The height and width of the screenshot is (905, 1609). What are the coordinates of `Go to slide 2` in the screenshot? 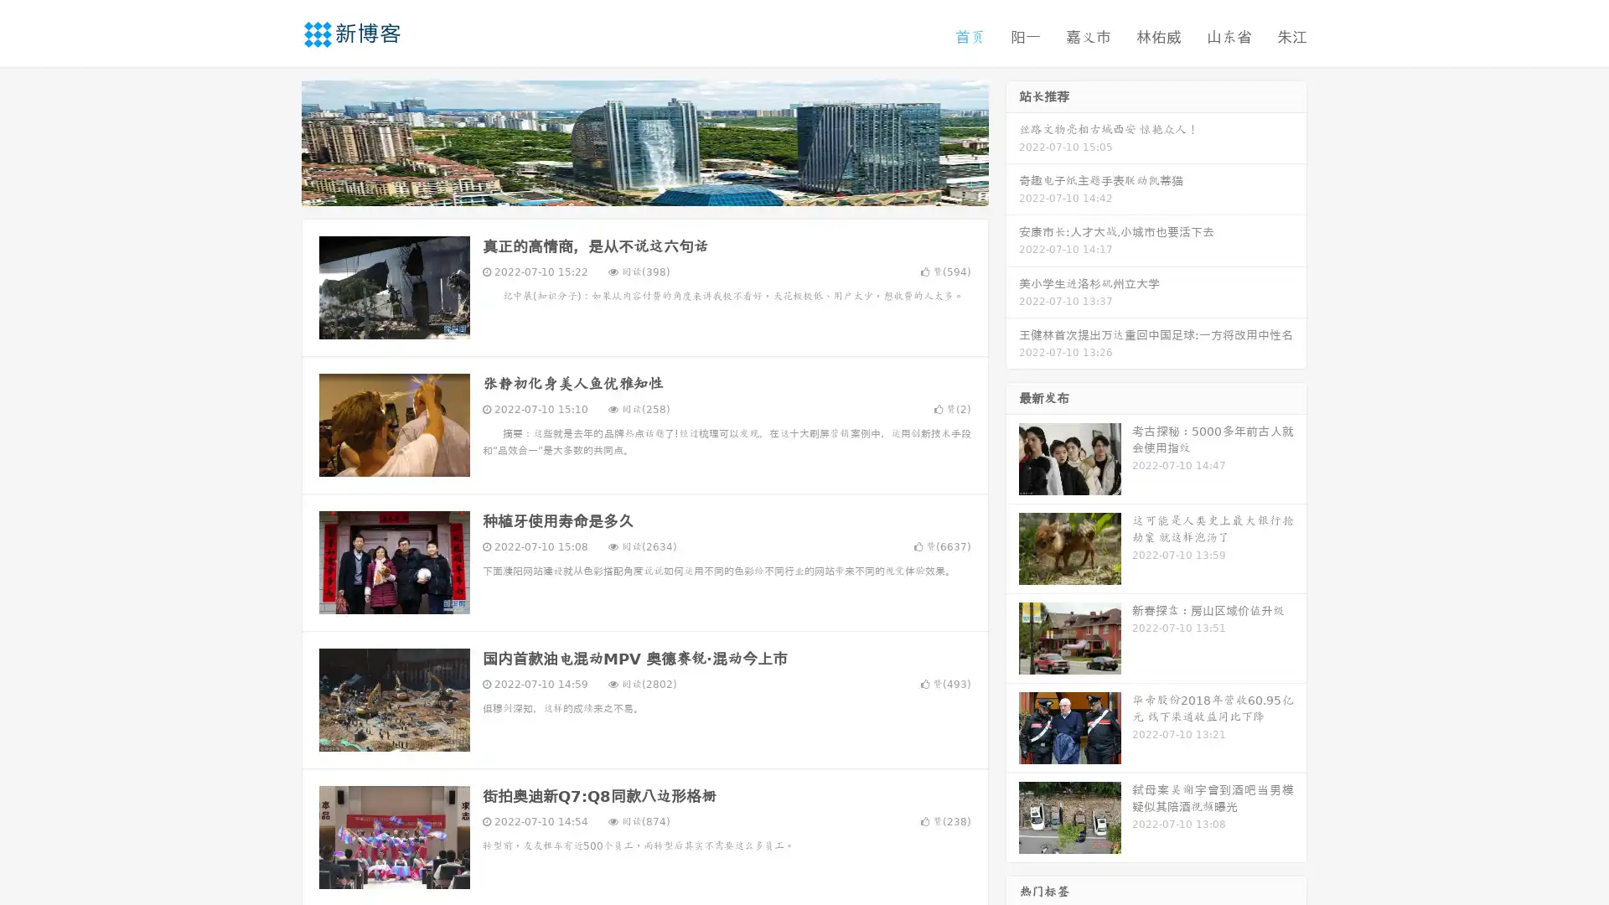 It's located at (644, 189).